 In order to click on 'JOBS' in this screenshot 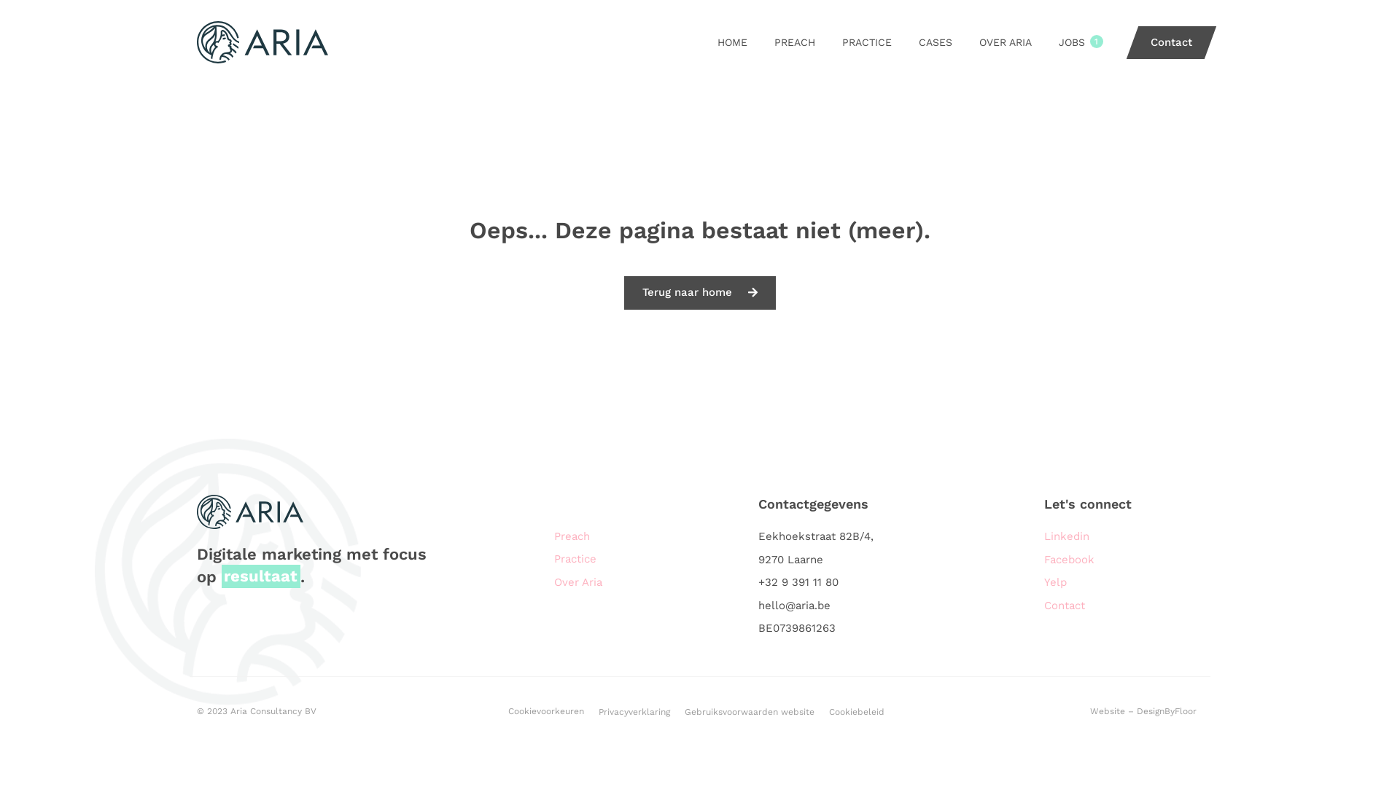, I will do `click(1071, 41)`.